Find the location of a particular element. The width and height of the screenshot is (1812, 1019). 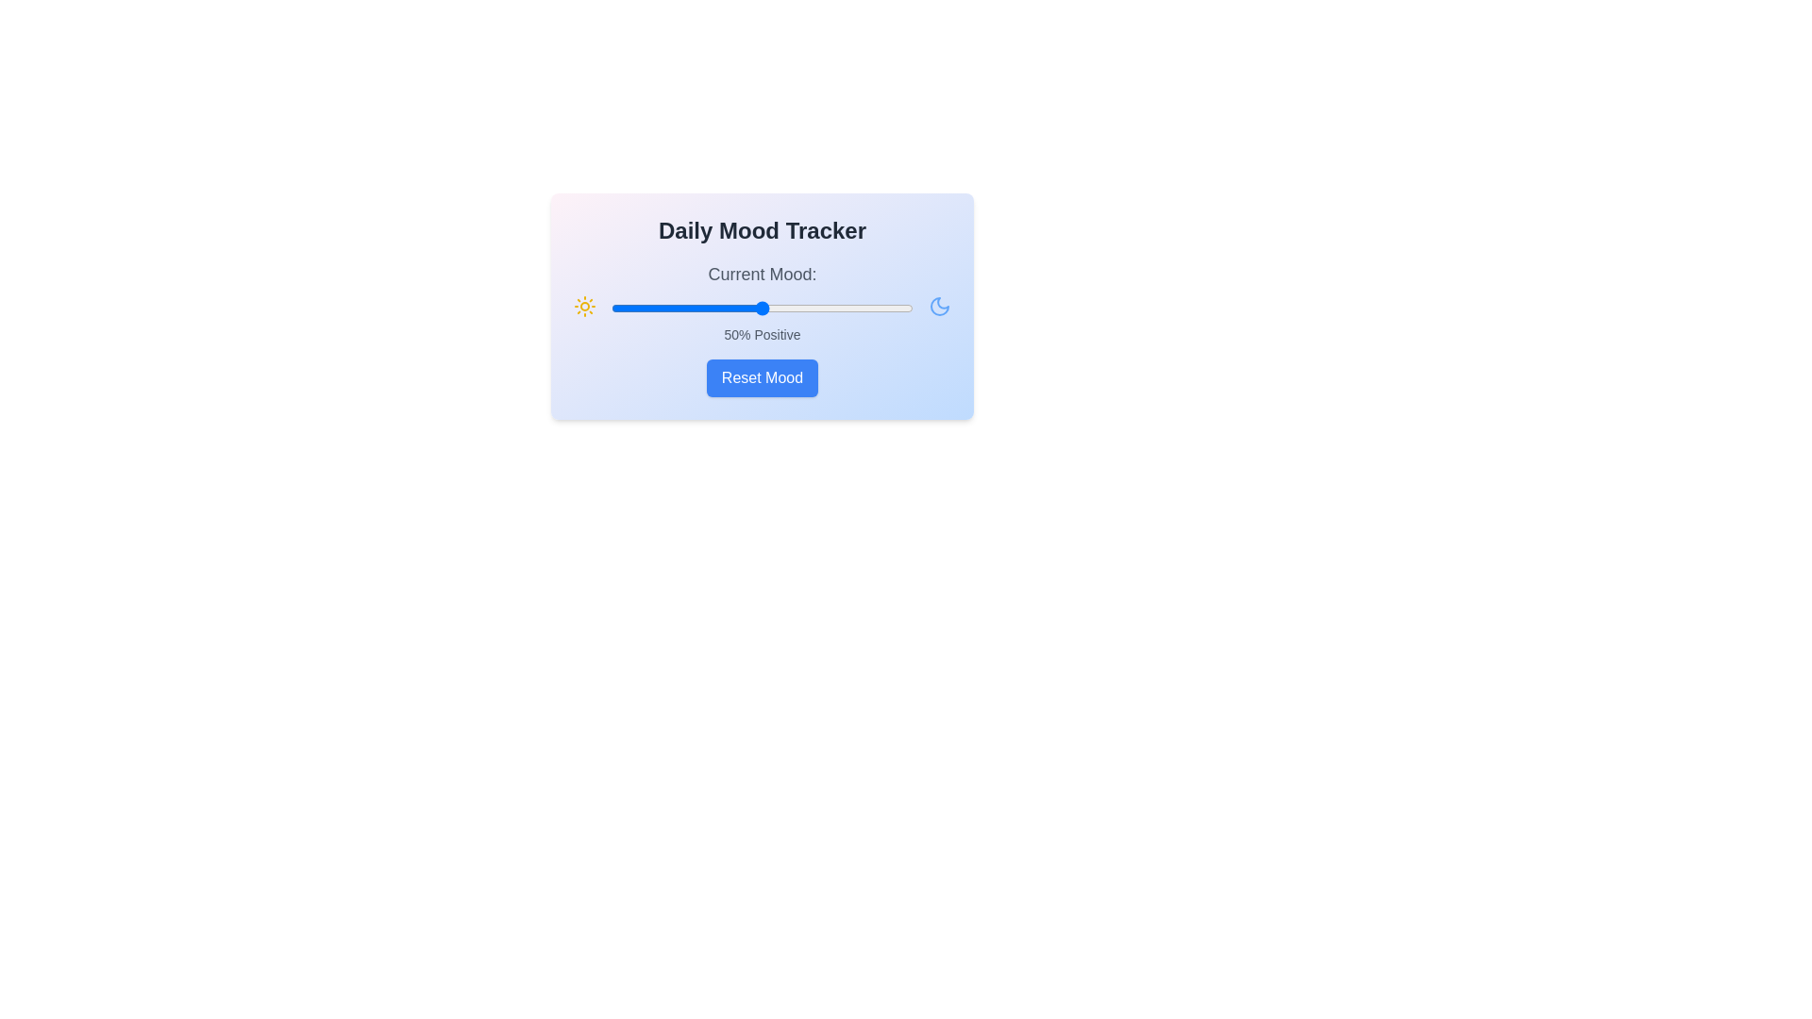

the 'Reset Mood' button, which is a rectangular button with a blue background and white text, located below the '50% Positive' progress bar in the 'Daily Mood Tracker' interface is located at coordinates (762, 378).